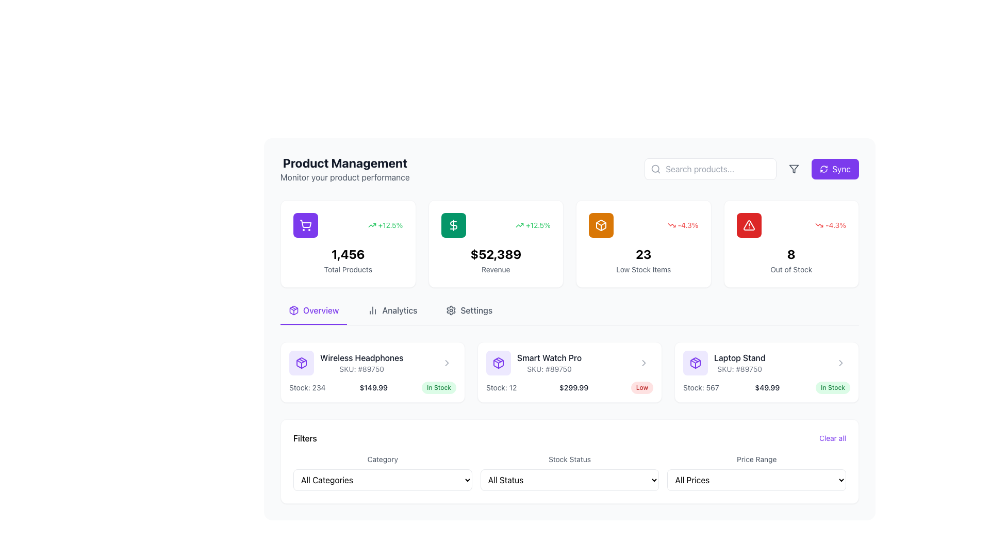  What do you see at coordinates (345, 162) in the screenshot?
I see `information from the text heading element labeled 'Product Management', which is a bold and prominent title at the top of the application interface` at bounding box center [345, 162].